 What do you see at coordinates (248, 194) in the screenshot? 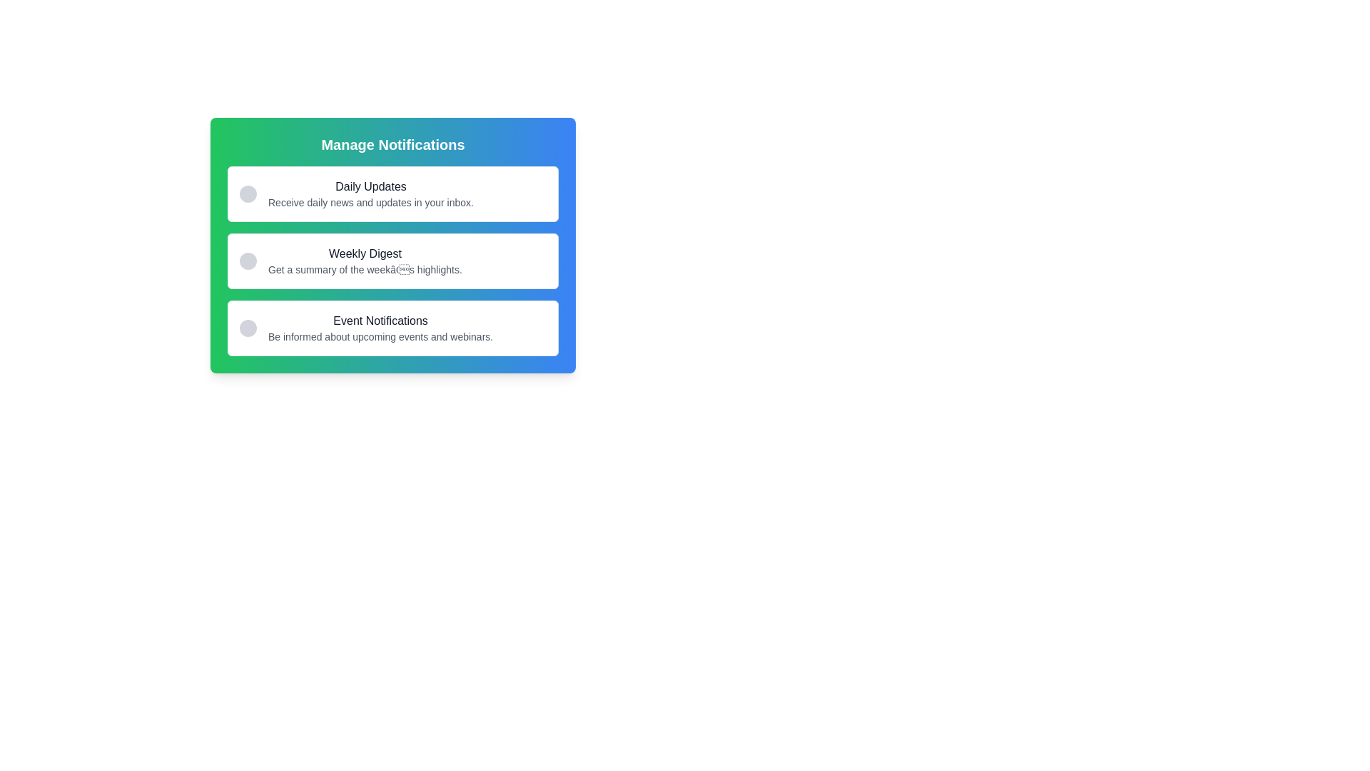
I see `the small circular UI component with a gray background that indicates the state, located to the left of the 'Daily Updates' text` at bounding box center [248, 194].